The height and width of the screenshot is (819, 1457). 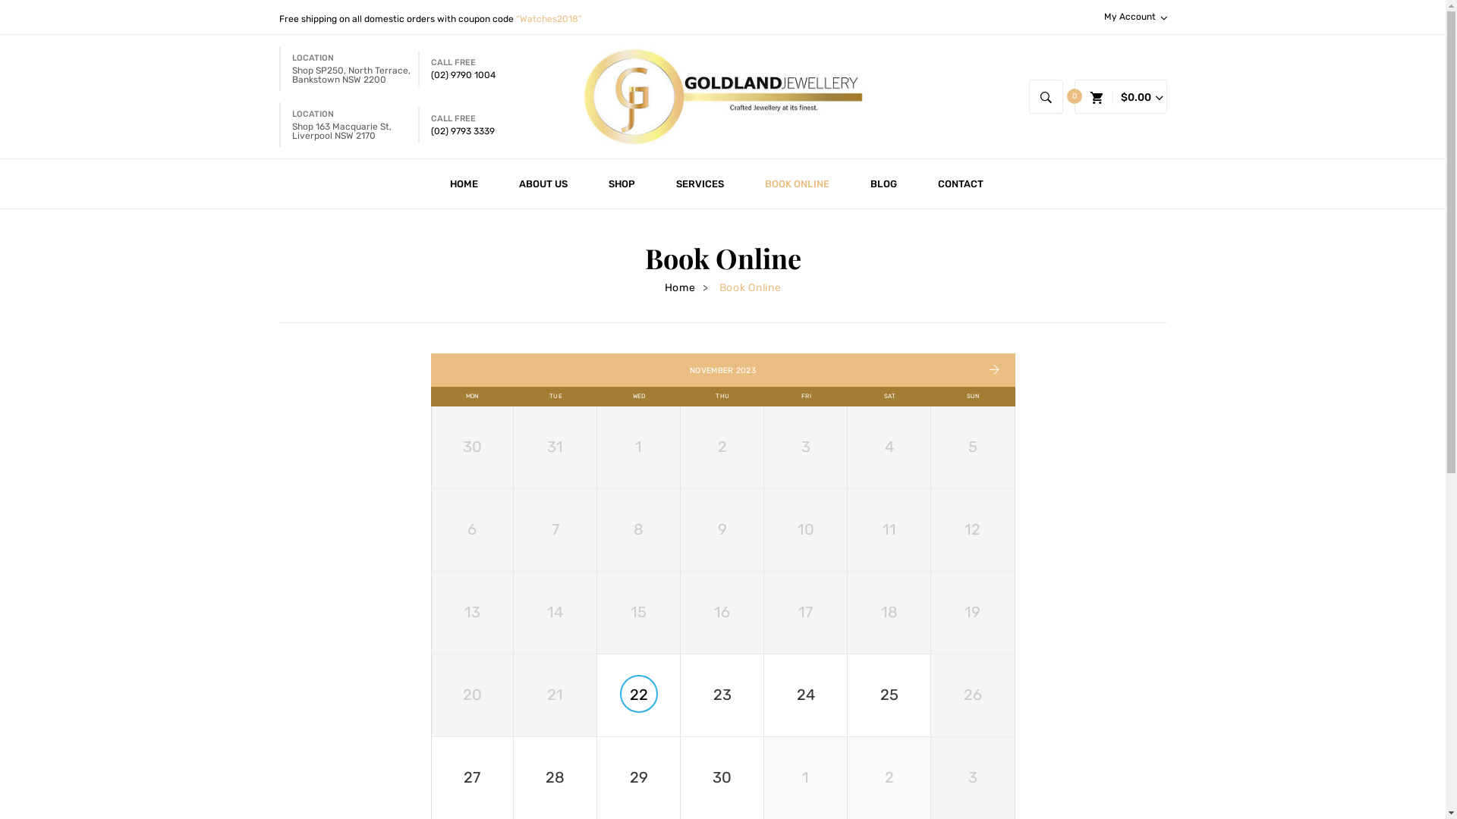 I want to click on 'CONTACT', so click(x=959, y=183).